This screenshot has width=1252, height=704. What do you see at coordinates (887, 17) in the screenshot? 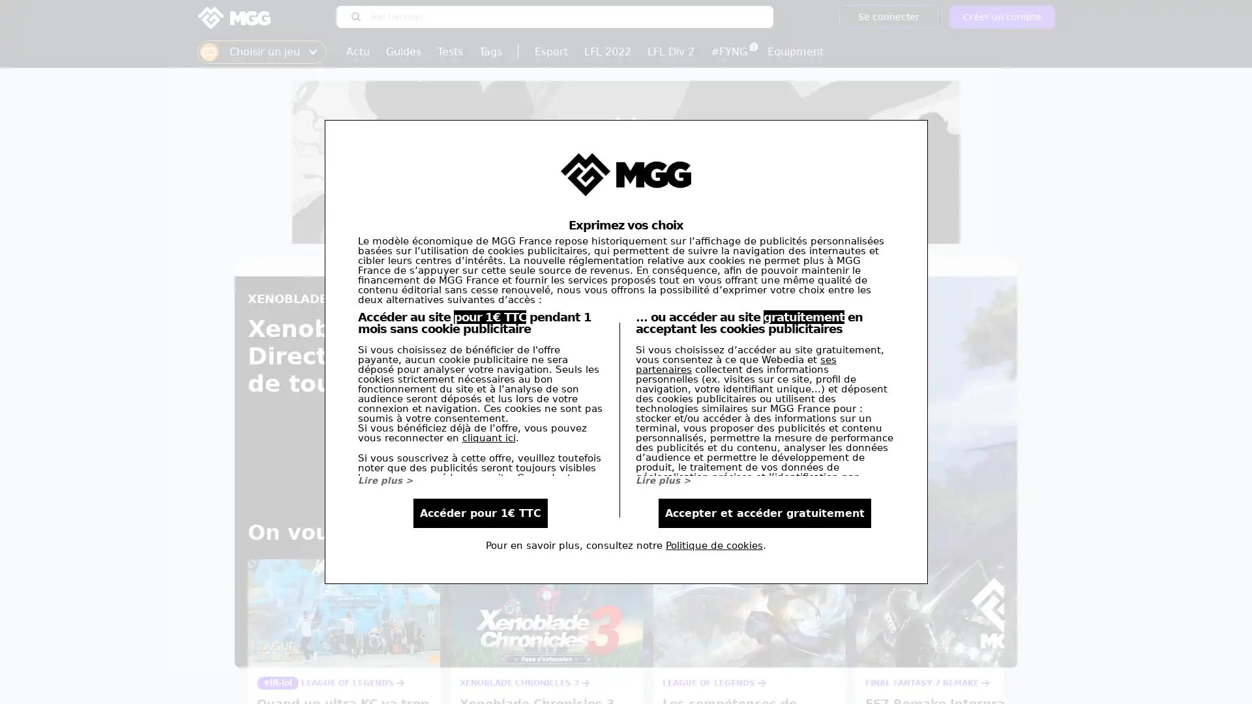
I see `Se connecter` at bounding box center [887, 17].